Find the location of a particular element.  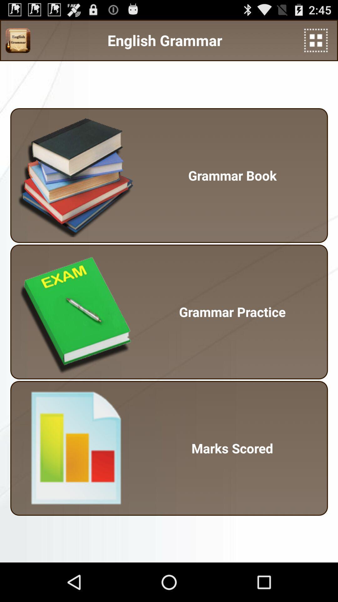

go back is located at coordinates (316, 40).